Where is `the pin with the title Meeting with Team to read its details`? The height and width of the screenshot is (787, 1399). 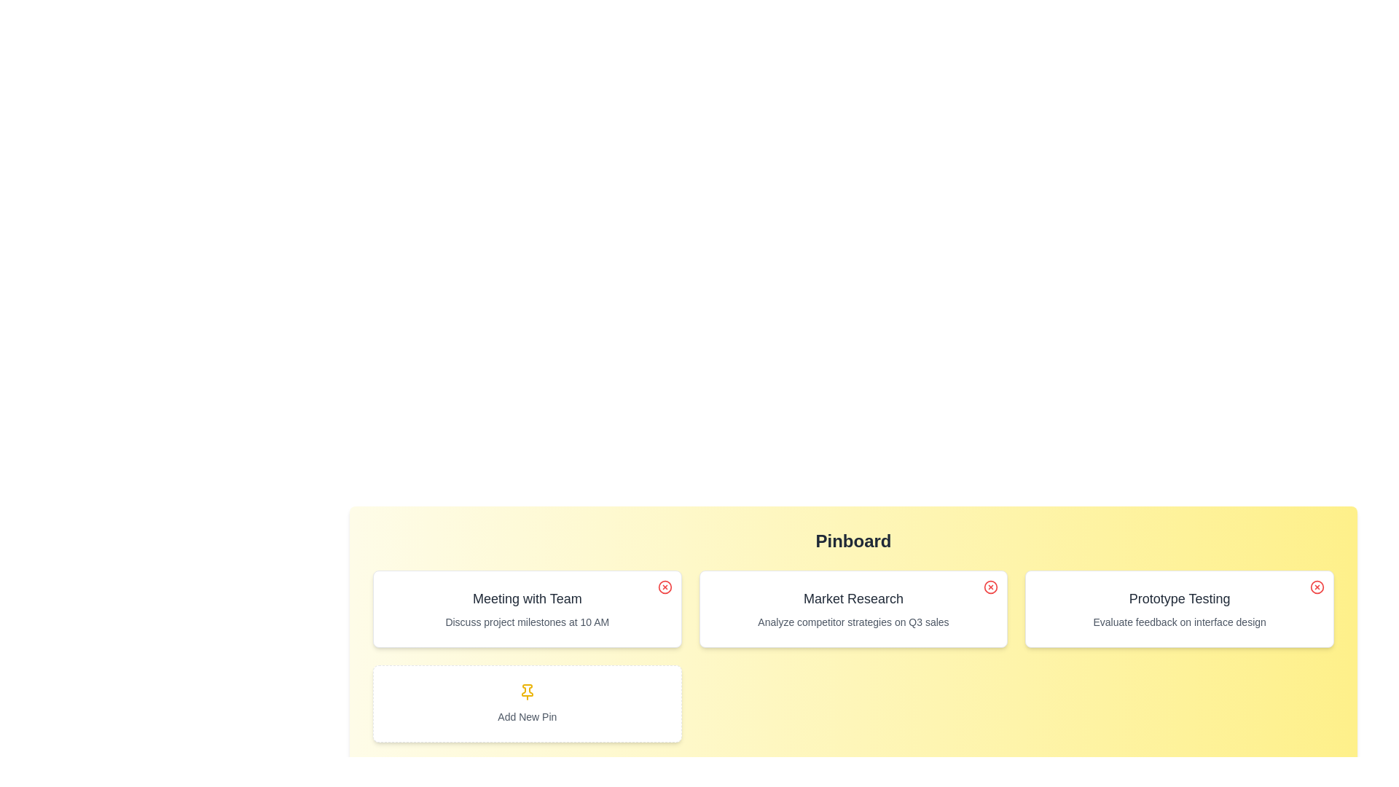 the pin with the title Meeting with Team to read its details is located at coordinates (526, 609).